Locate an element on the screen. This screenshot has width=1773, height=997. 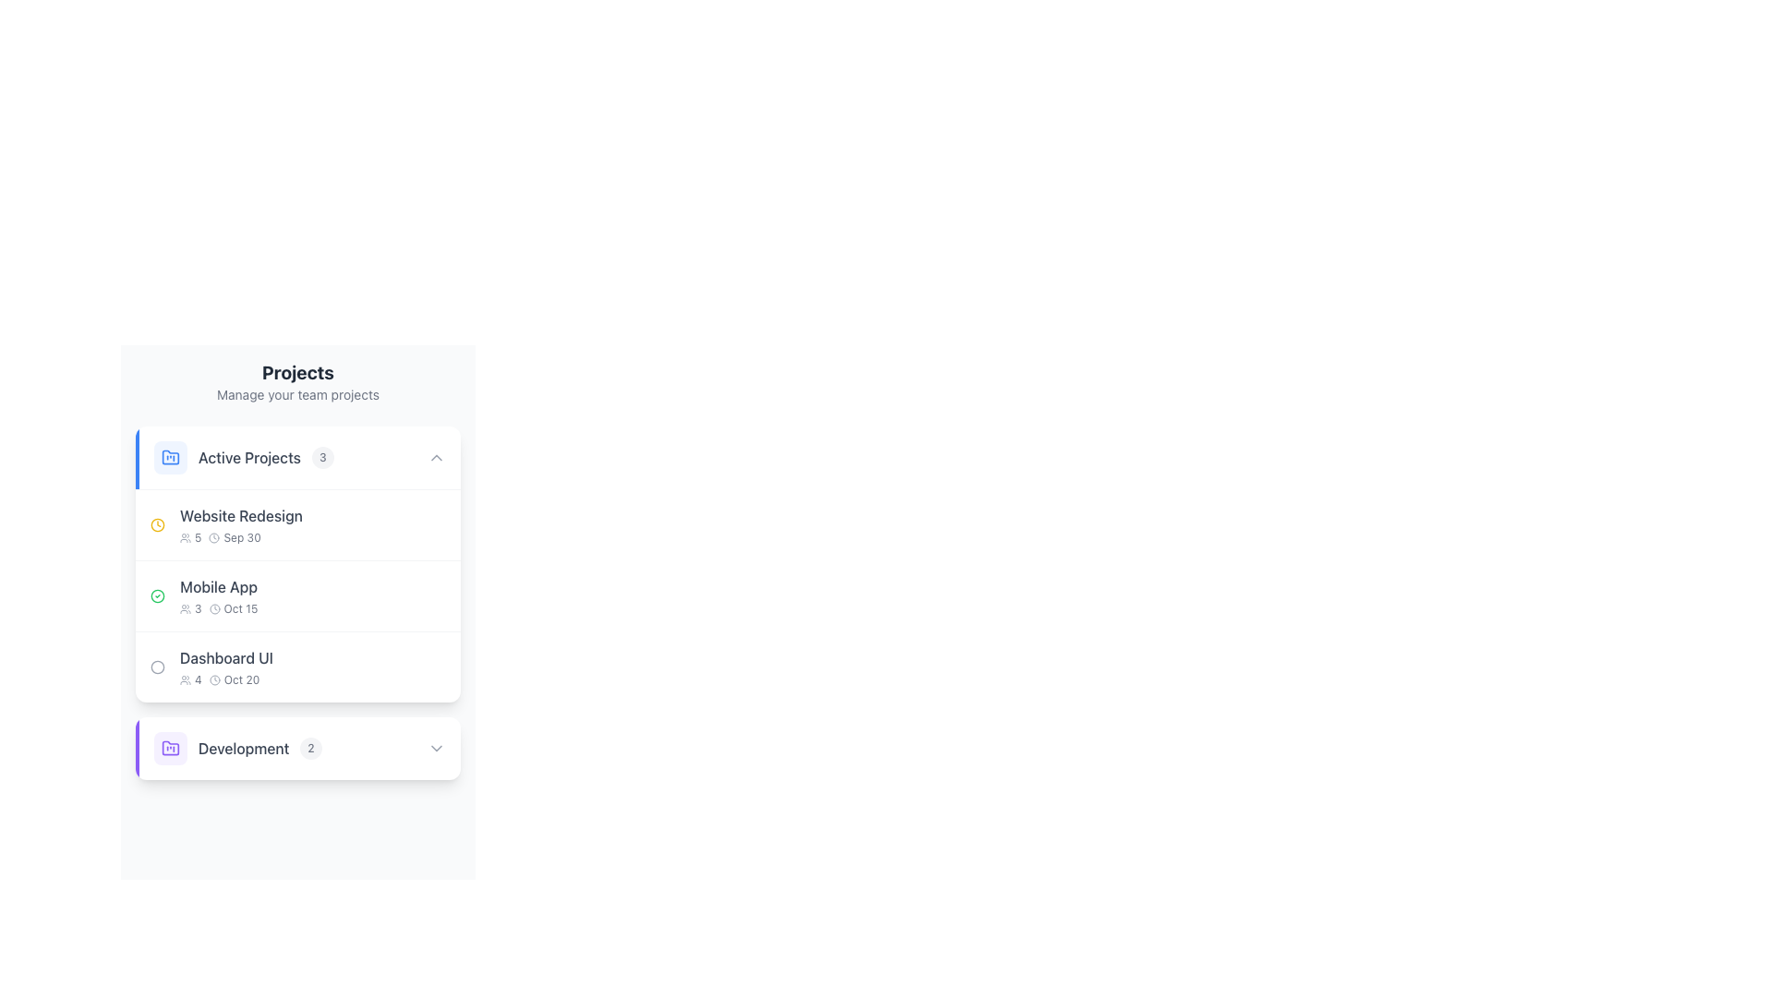
the List item that serves as an entry point is located at coordinates (297, 666).